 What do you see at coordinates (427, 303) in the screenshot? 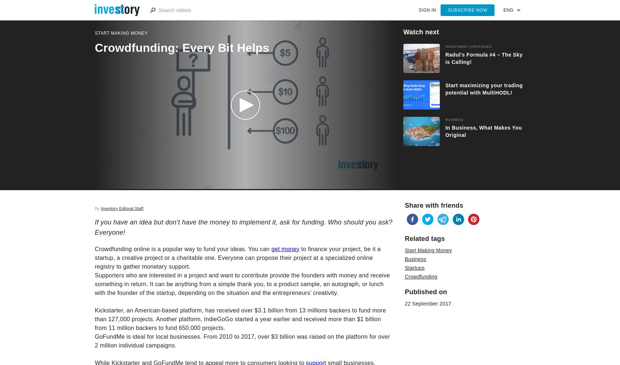
I see `'22 September 2017'` at bounding box center [427, 303].